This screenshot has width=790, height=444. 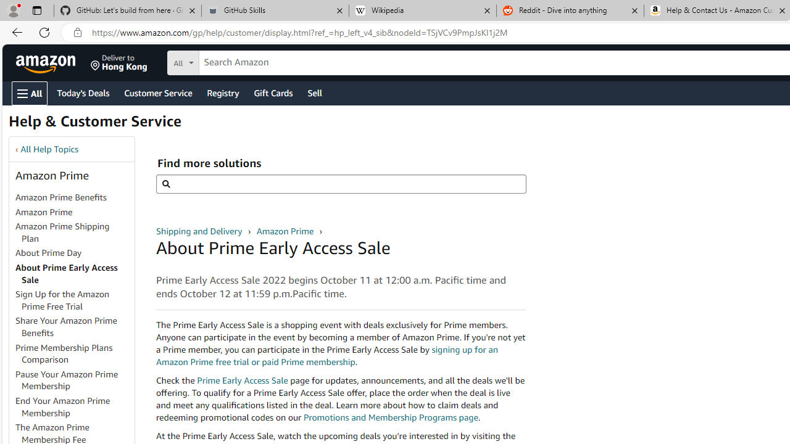 What do you see at coordinates (422, 10) in the screenshot?
I see `'Wikipedia'` at bounding box center [422, 10].